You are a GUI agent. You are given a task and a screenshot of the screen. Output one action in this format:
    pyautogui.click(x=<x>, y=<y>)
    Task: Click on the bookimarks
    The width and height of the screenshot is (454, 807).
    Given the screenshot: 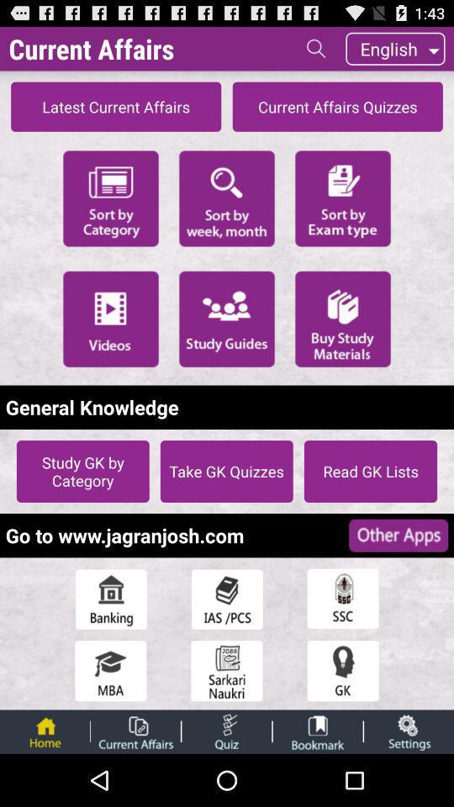 What is the action you would take?
    pyautogui.click(x=318, y=731)
    